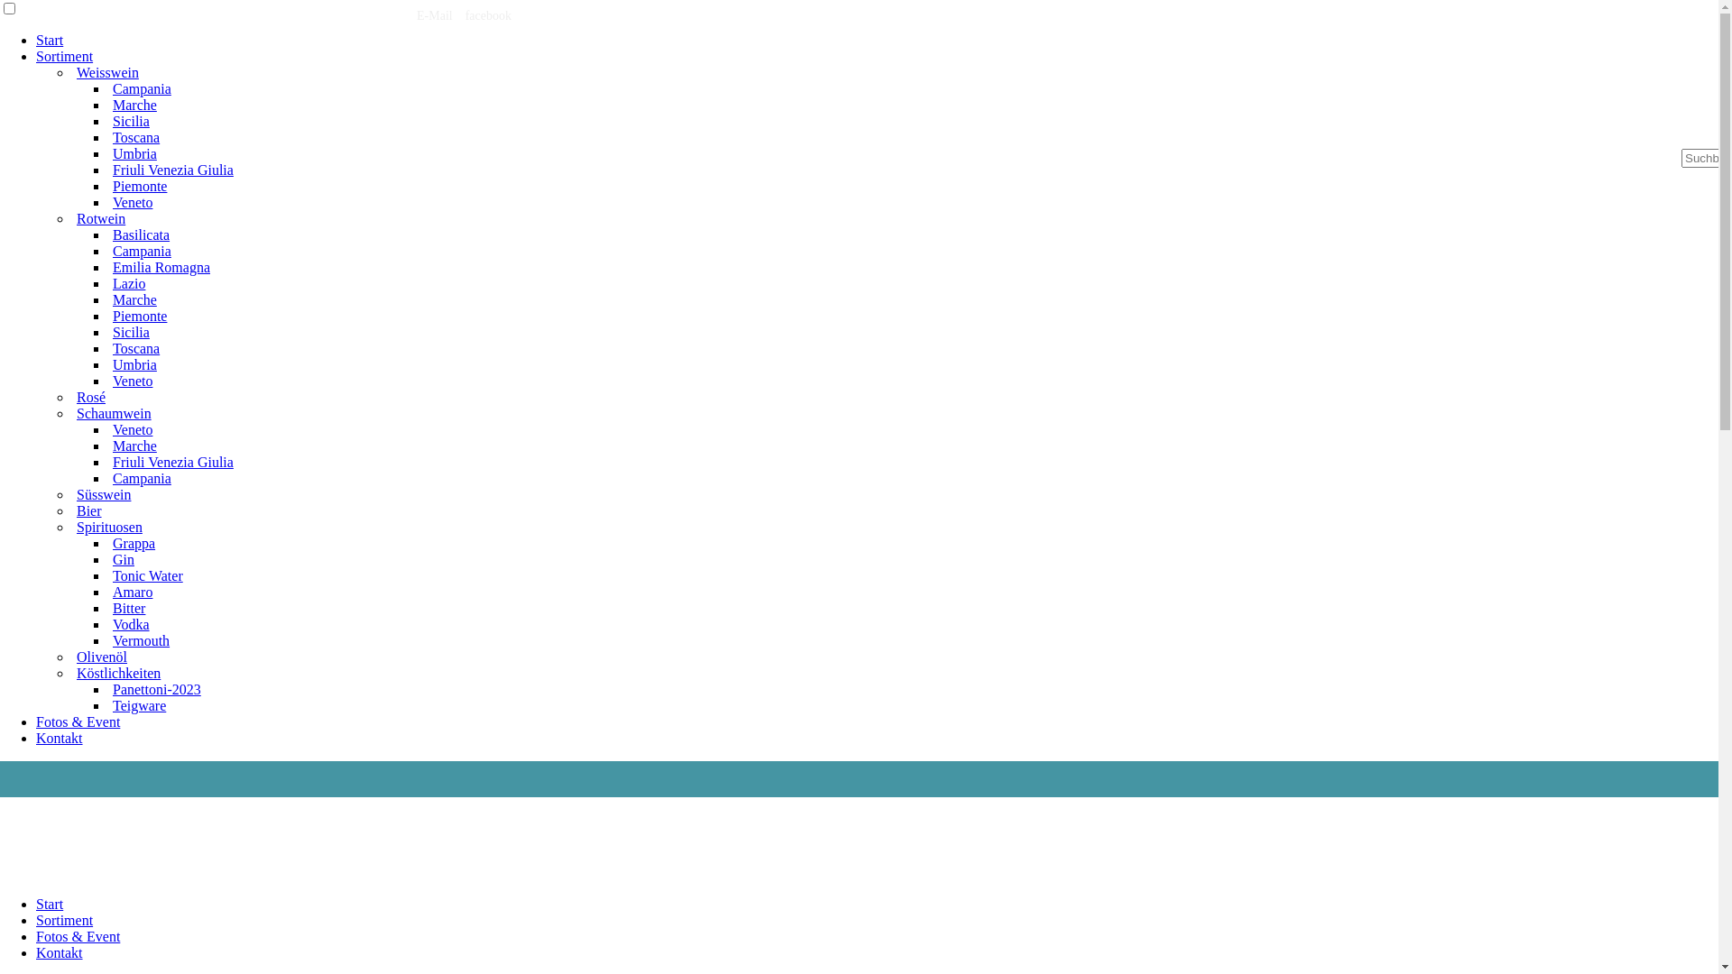  Describe the element at coordinates (156, 689) in the screenshot. I see `'Panettoni-2023'` at that location.